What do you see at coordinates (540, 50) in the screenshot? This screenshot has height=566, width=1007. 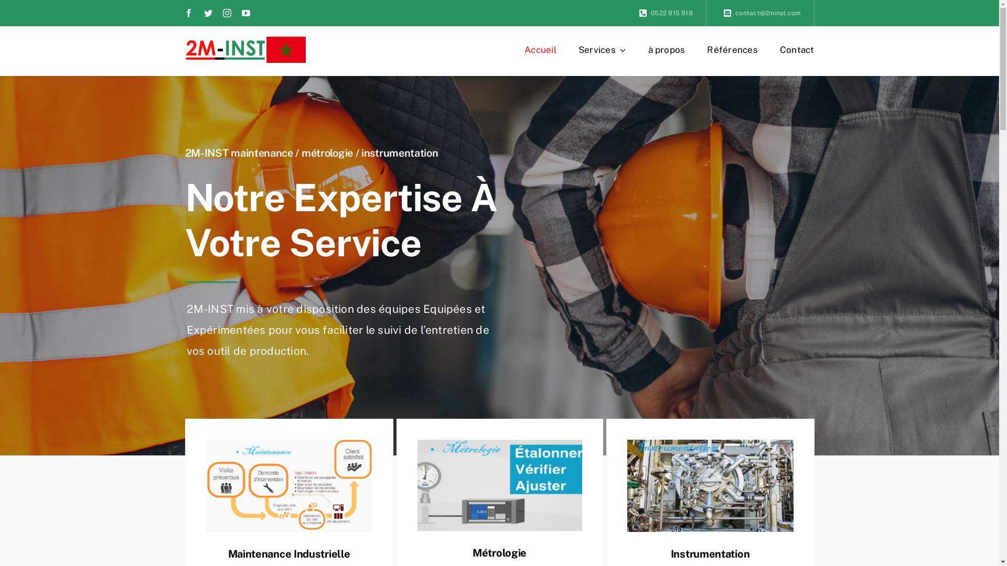 I see `'Accueil'` at bounding box center [540, 50].